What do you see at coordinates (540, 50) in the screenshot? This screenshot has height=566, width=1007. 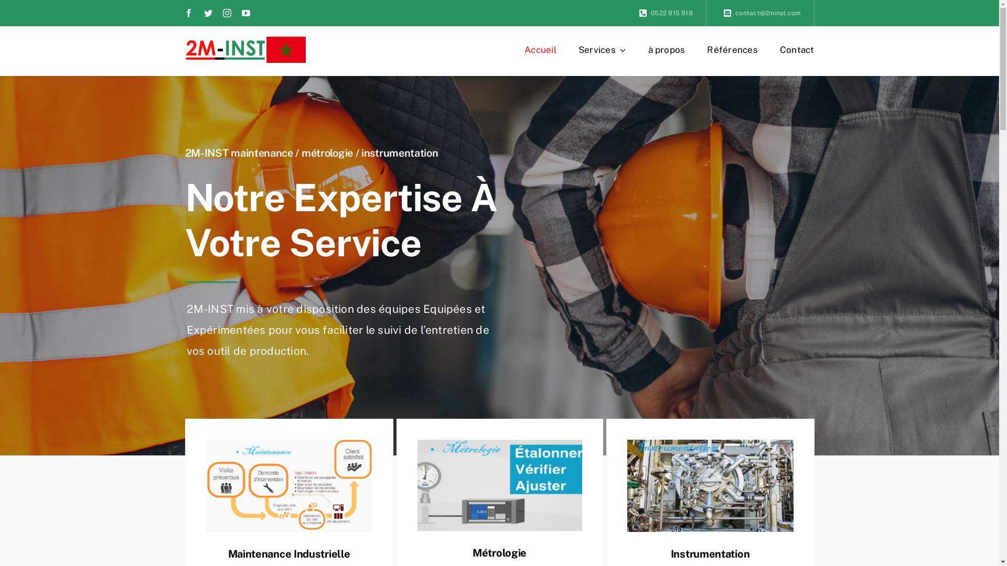 I see `'Accueil'` at bounding box center [540, 50].